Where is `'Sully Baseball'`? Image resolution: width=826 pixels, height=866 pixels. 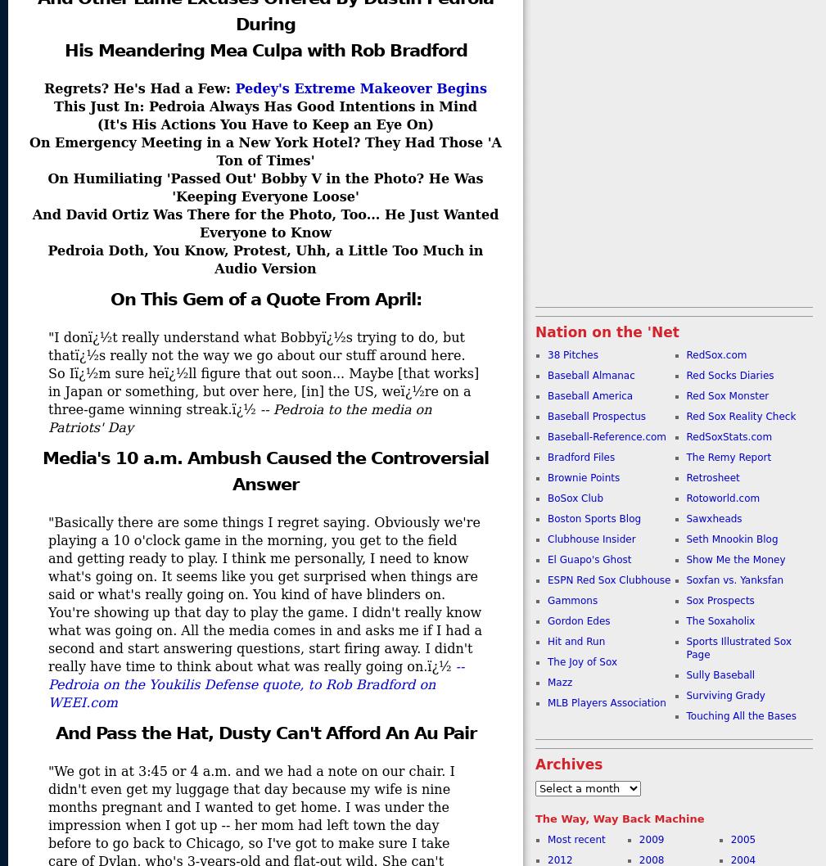 'Sully Baseball' is located at coordinates (720, 674).